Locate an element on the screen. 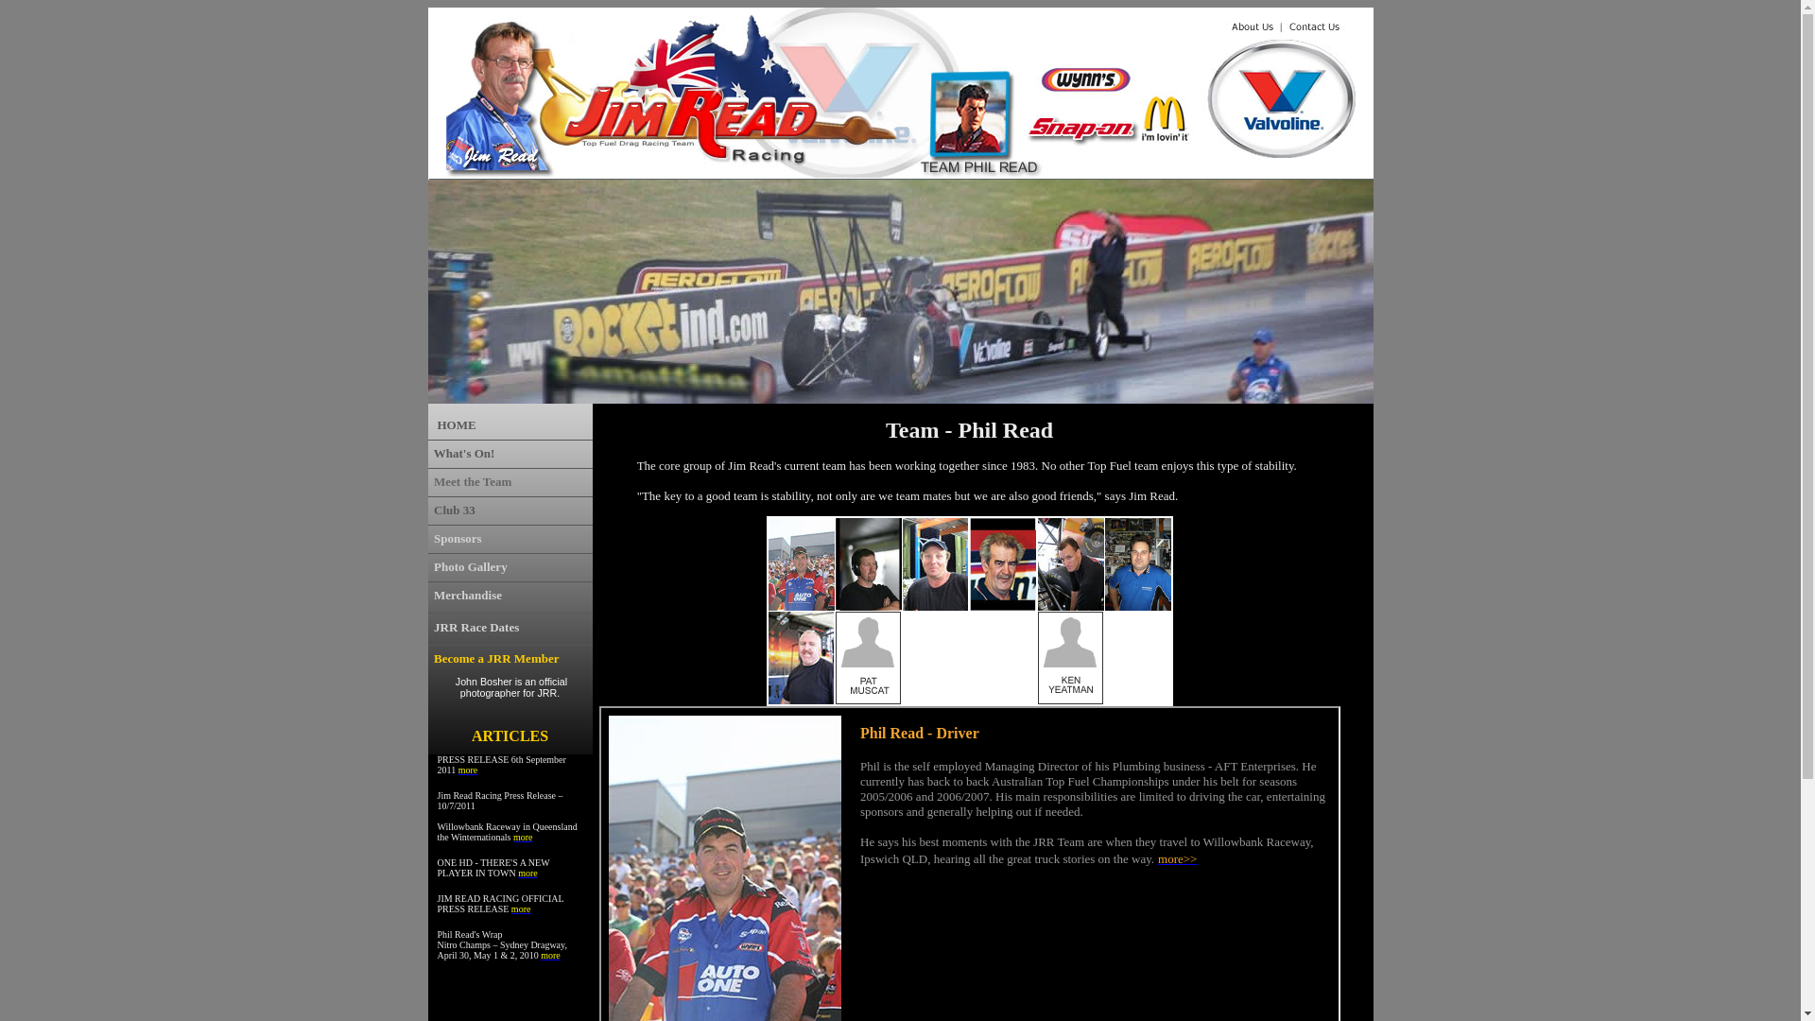  'HOME' is located at coordinates (456, 423).